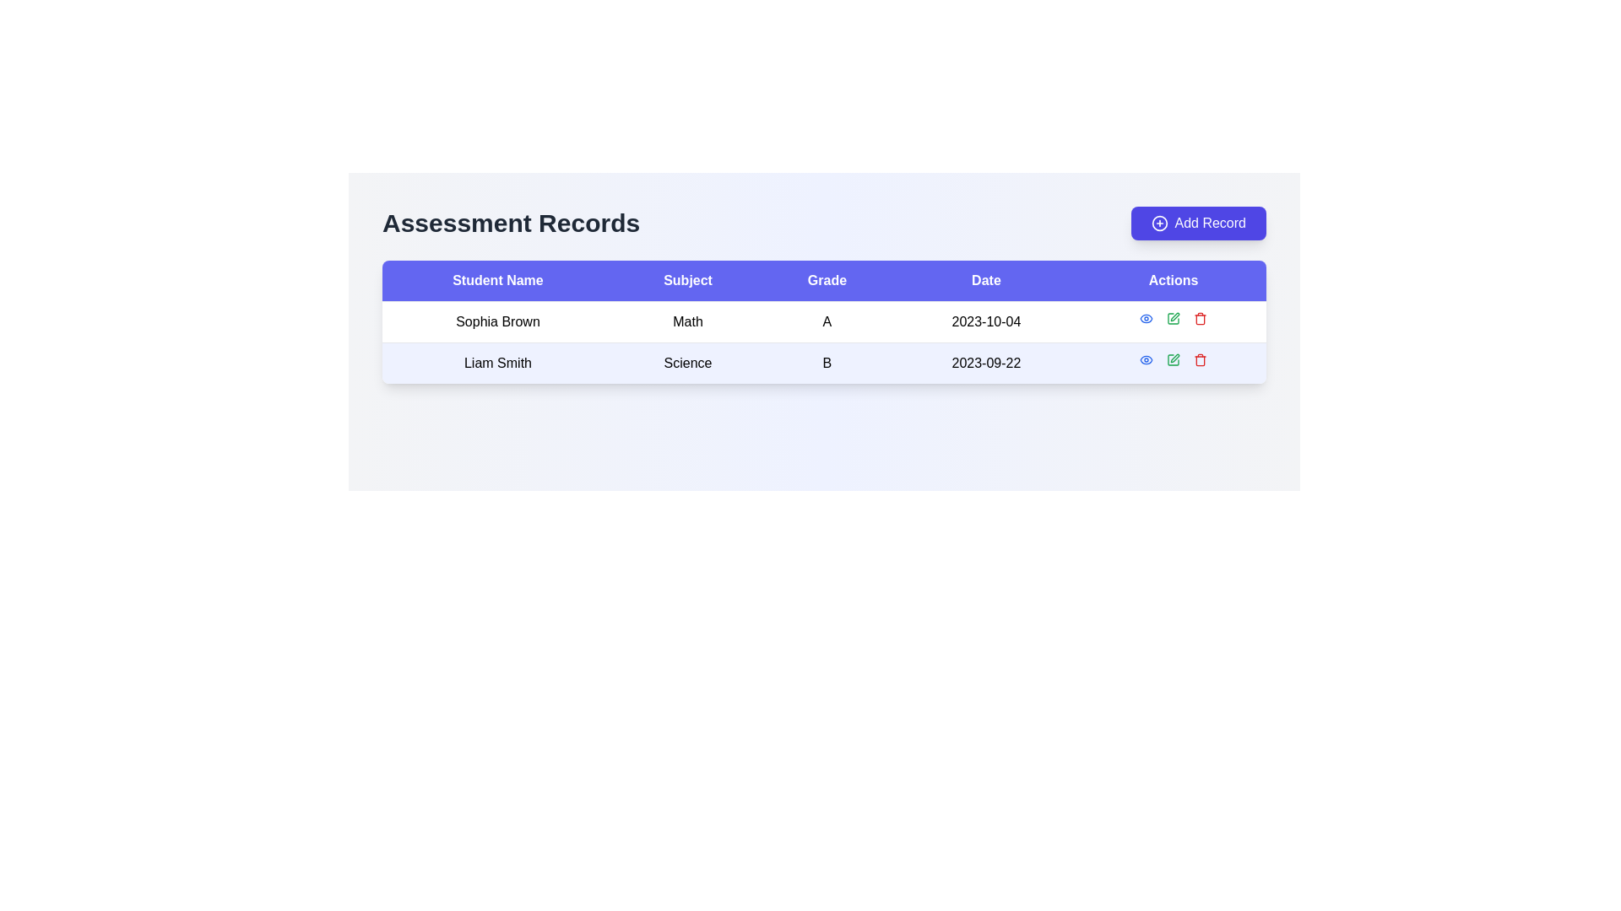 Image resolution: width=1621 pixels, height=911 pixels. I want to click on the 'Delete' icon button located in the 'Actions' column of the table, so click(1200, 319).